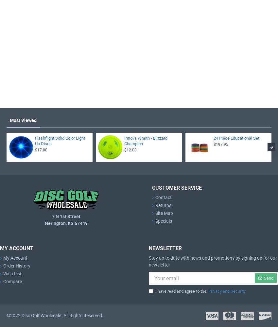 This screenshot has height=327, width=278. I want to click on '$12.00', so click(130, 149).